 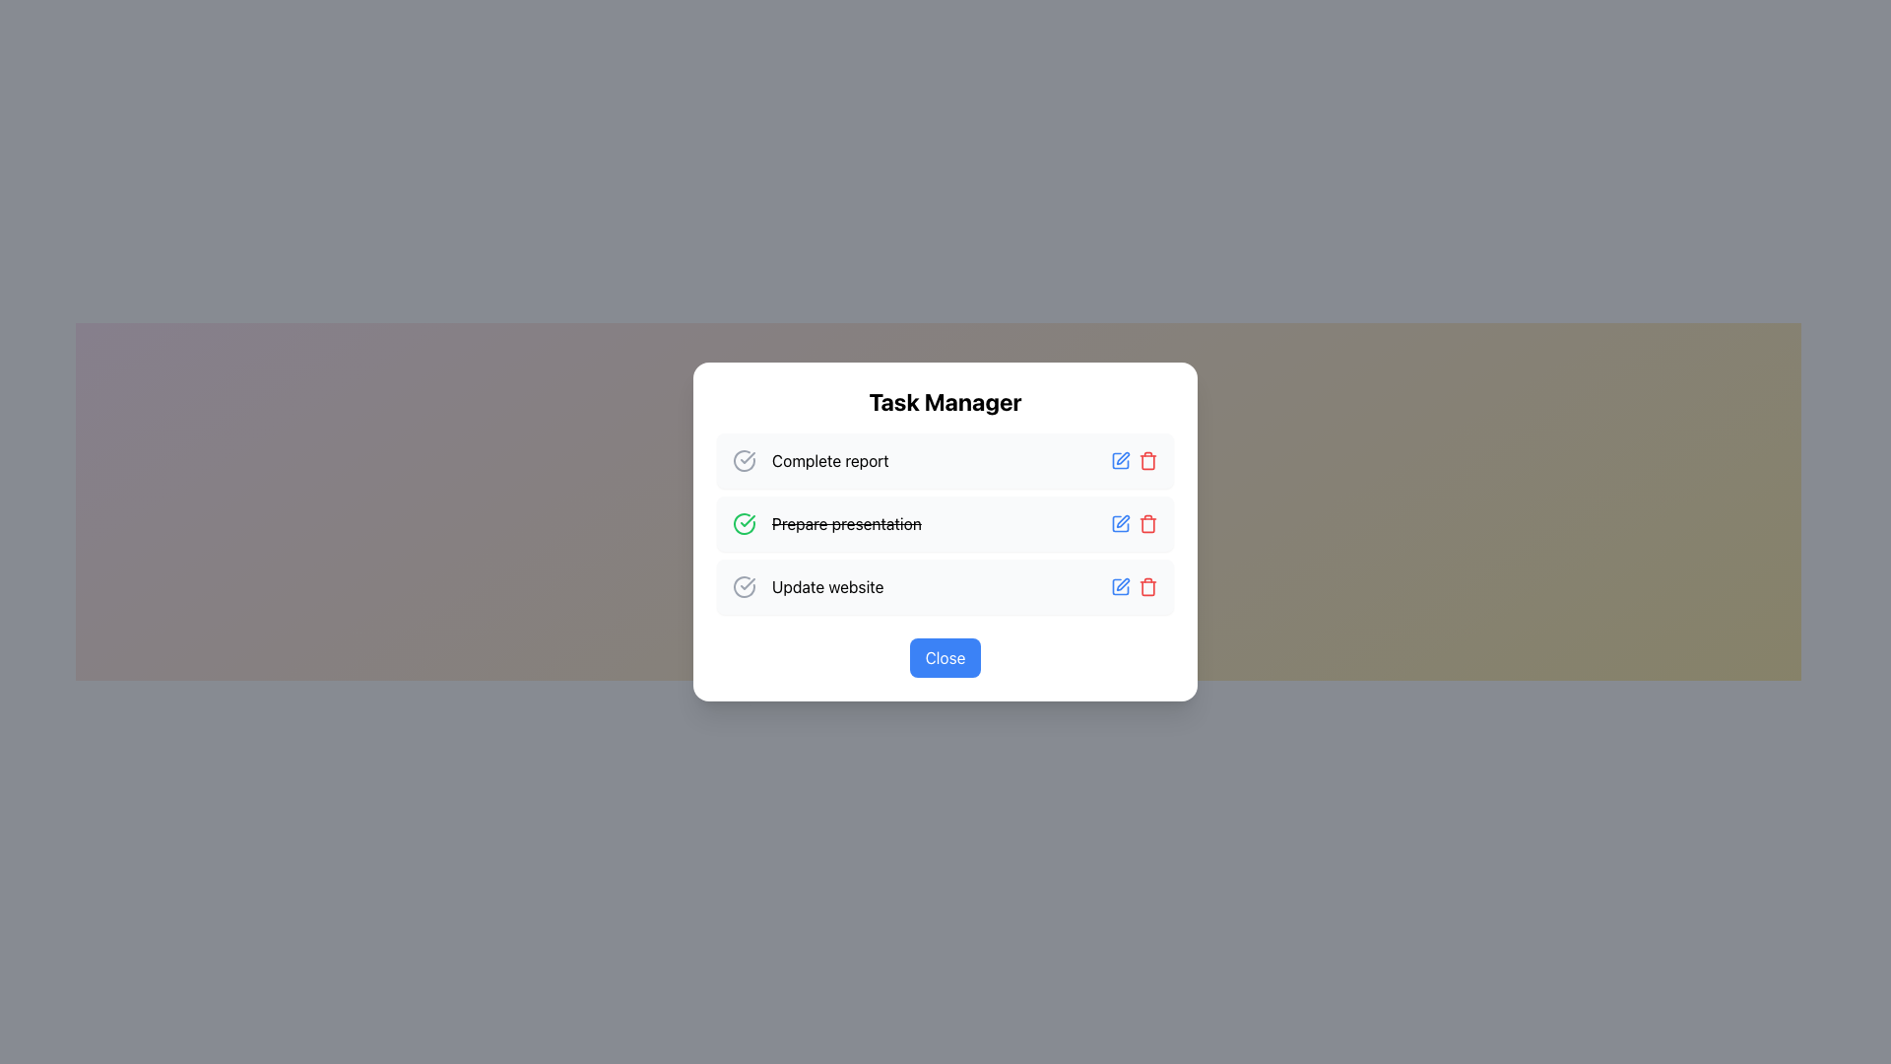 What do you see at coordinates (846, 523) in the screenshot?
I see `the text label displaying the task name 'Prepare presentation', which indicates its completion status by crossing out the text` at bounding box center [846, 523].